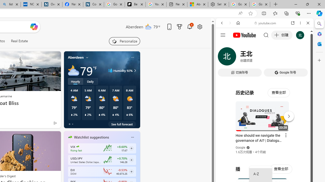 Image resolution: width=325 pixels, height=182 pixels. Describe the element at coordinates (264, 112) in the screenshot. I see `'#you'` at that location.